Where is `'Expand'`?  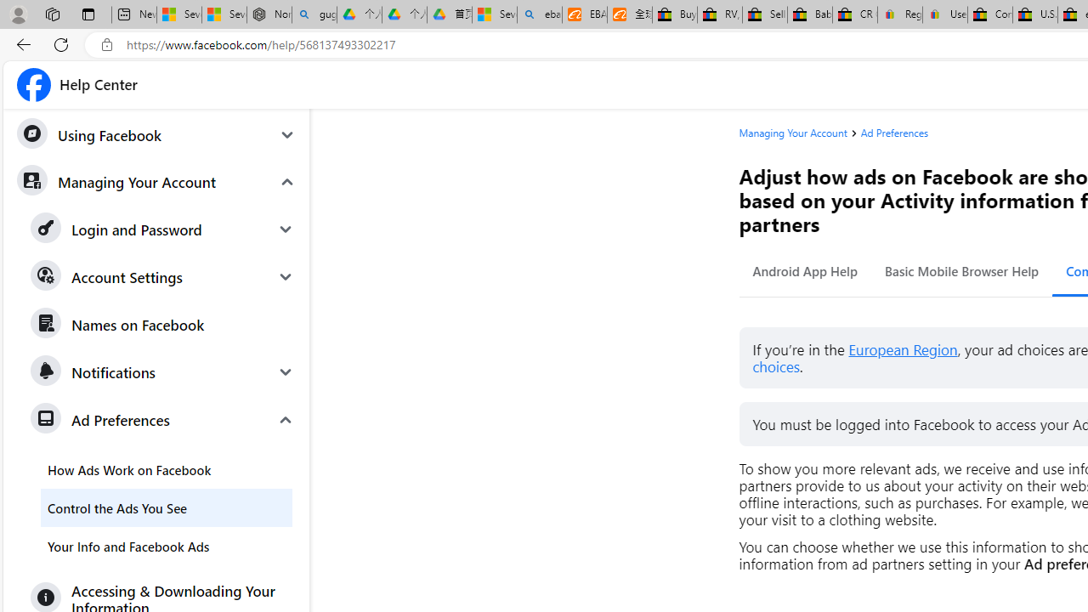 'Expand' is located at coordinates (286, 419).